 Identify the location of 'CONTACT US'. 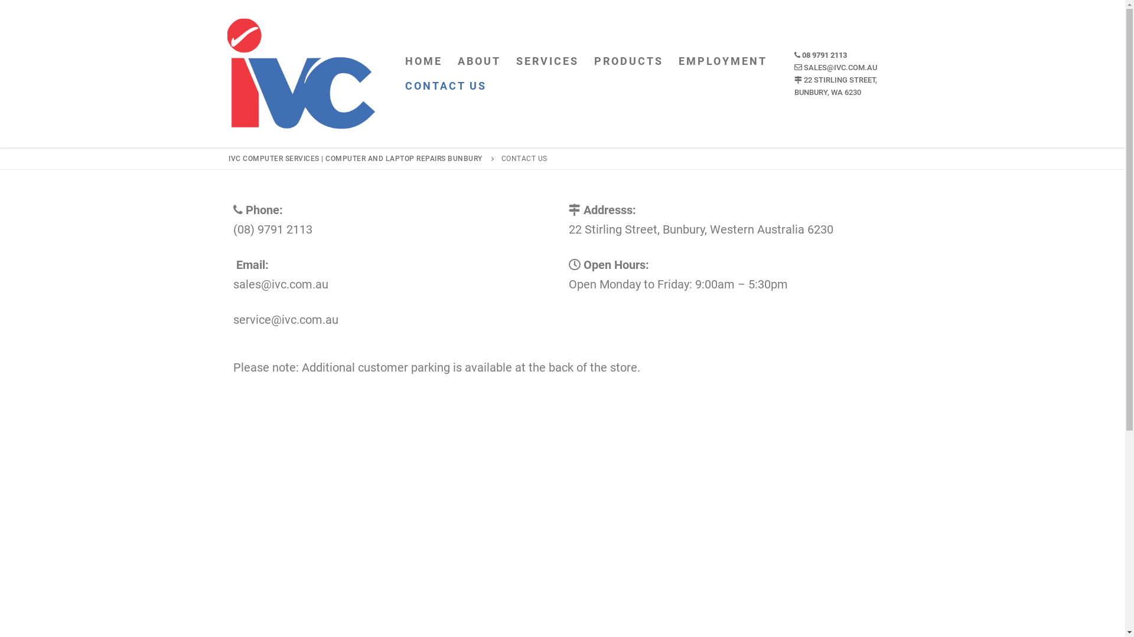
(444, 86).